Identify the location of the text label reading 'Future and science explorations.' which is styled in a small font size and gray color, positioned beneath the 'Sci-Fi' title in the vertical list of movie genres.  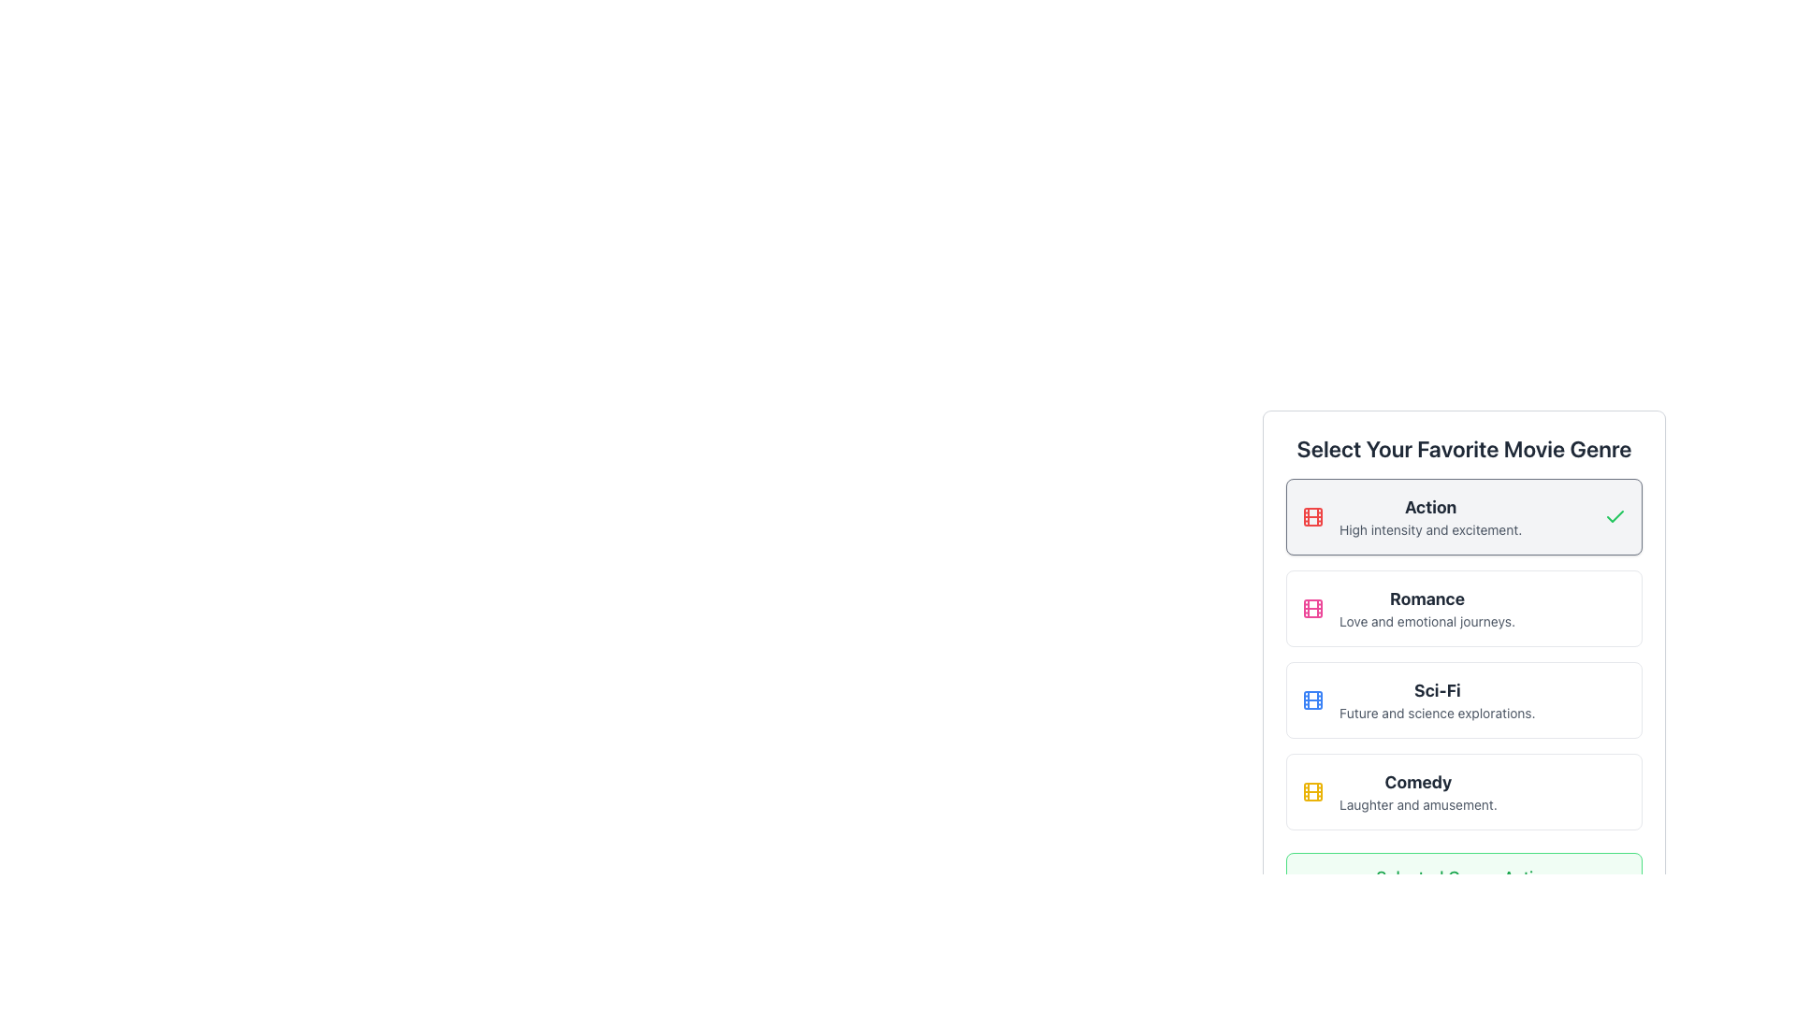
(1436, 714).